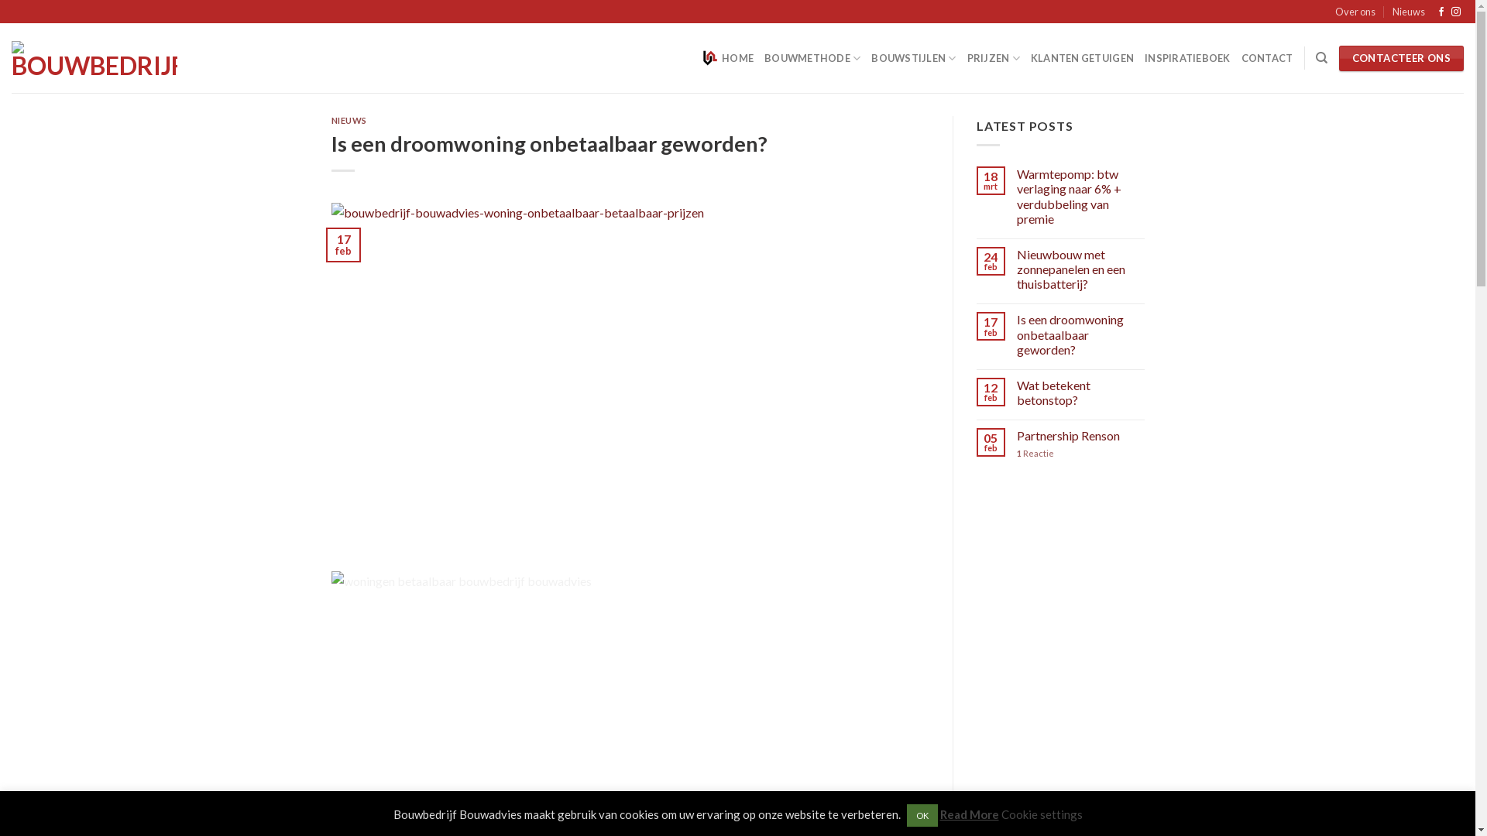  I want to click on 'Partnership Renson', so click(1080, 436).